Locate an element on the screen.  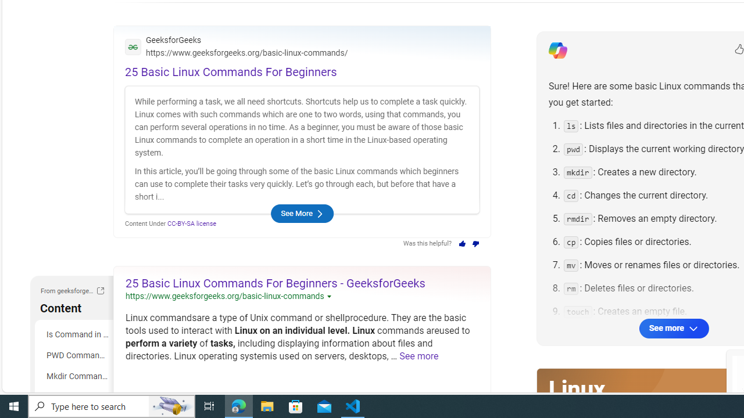
'From geeksforgeeks.org' is located at coordinates (100, 290).